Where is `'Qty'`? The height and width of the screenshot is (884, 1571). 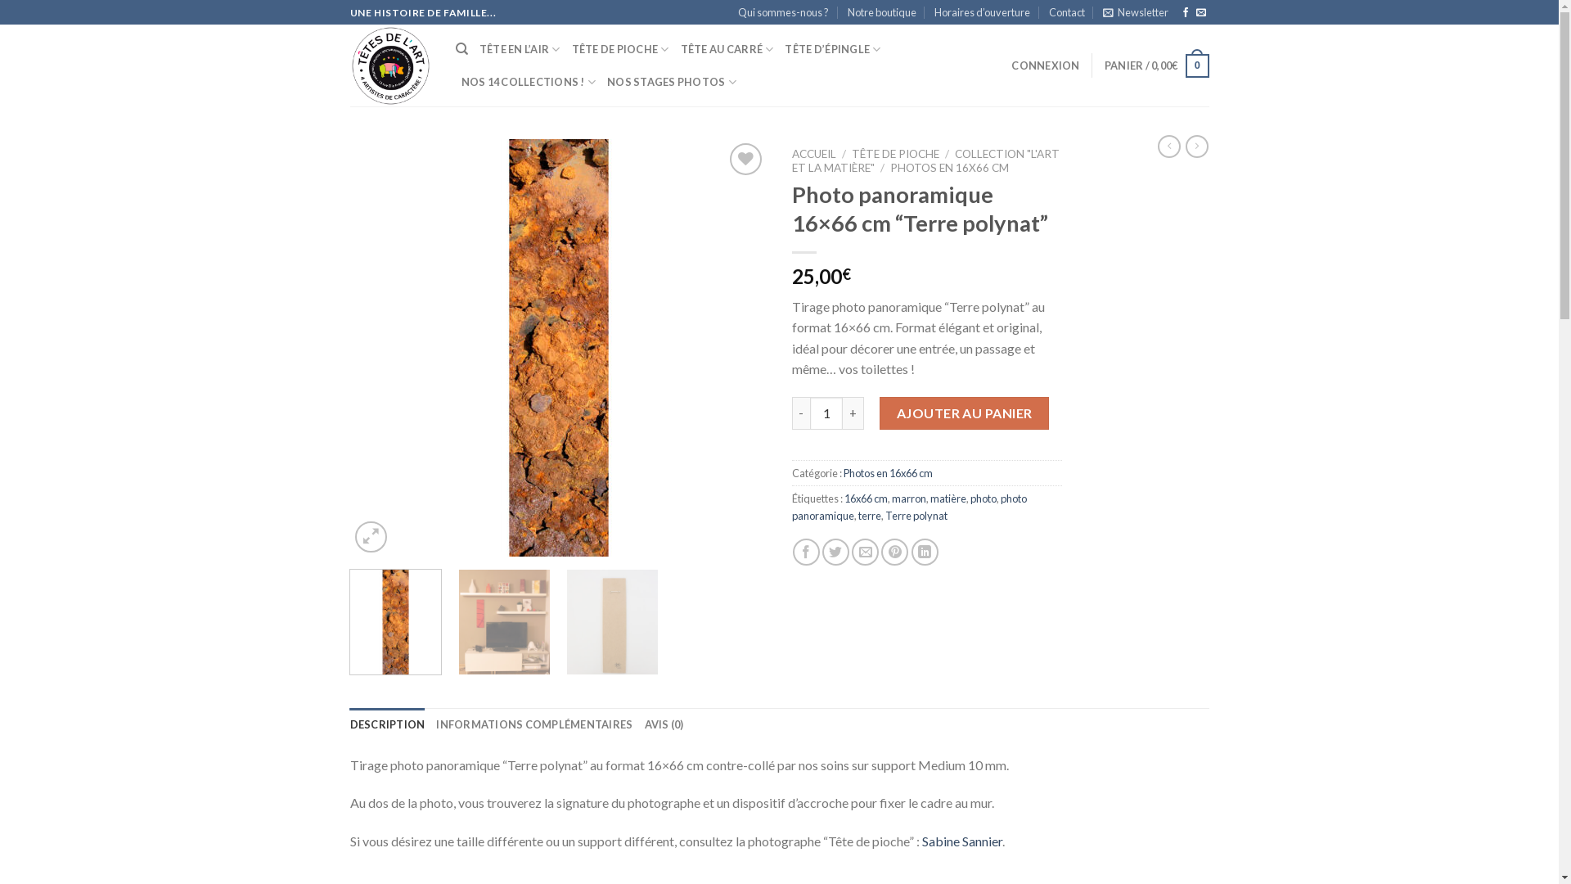 'Qty' is located at coordinates (809, 413).